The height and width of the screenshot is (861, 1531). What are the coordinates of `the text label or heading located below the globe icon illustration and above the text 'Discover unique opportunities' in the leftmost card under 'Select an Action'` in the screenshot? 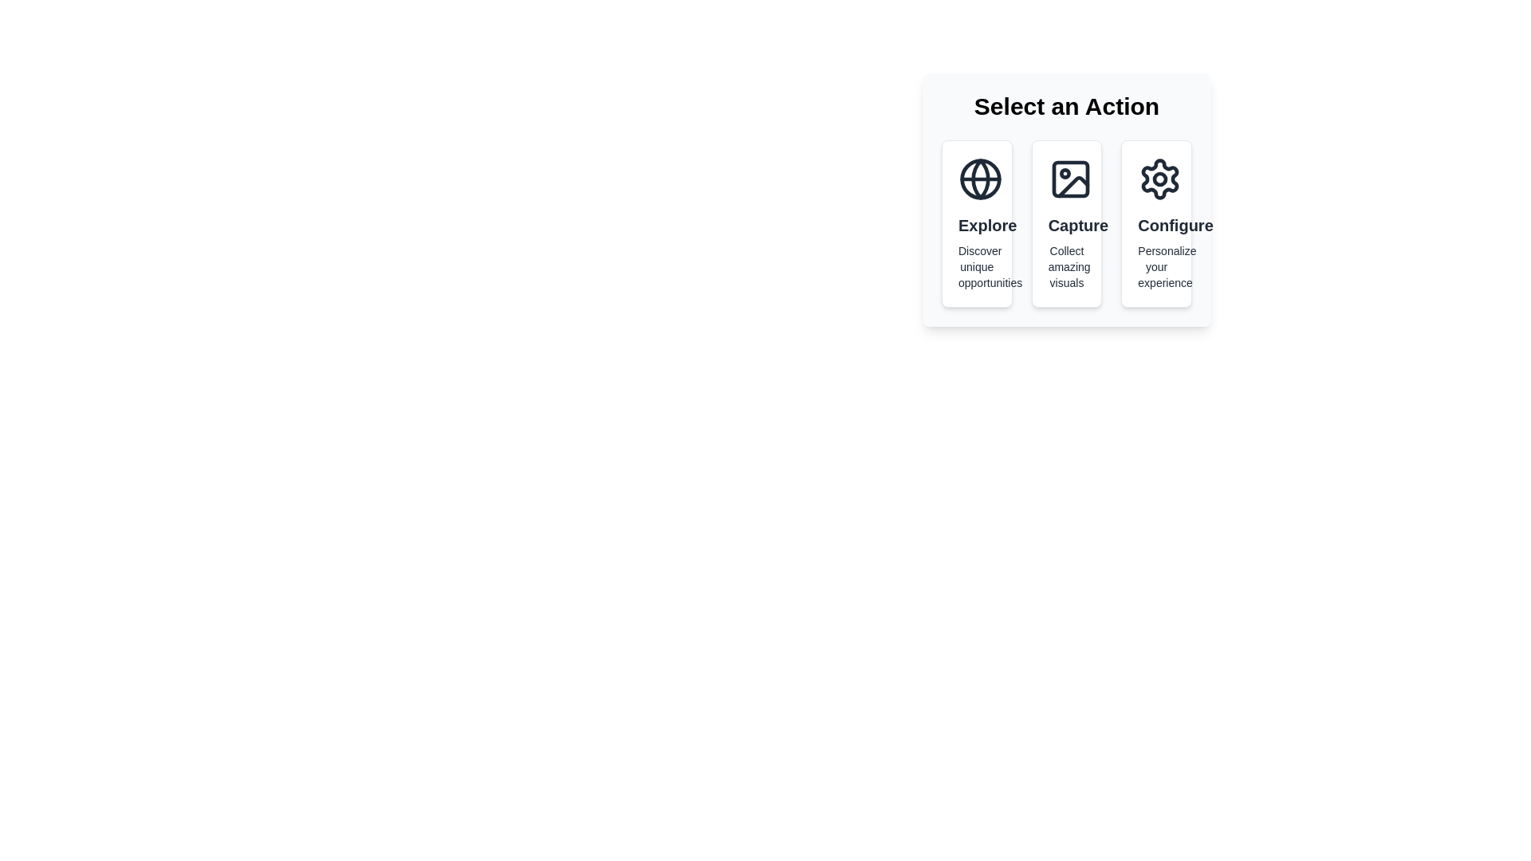 It's located at (976, 225).